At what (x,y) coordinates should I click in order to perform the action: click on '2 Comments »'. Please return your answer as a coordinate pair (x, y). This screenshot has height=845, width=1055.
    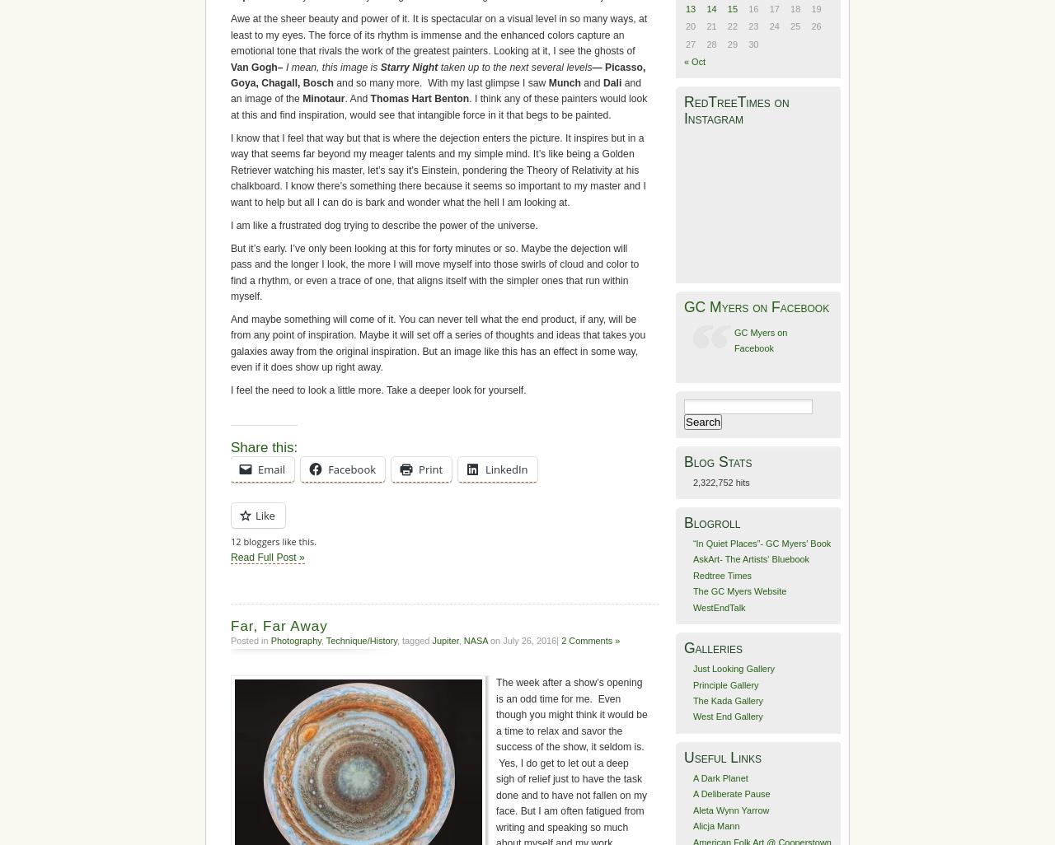
    Looking at the image, I should click on (560, 640).